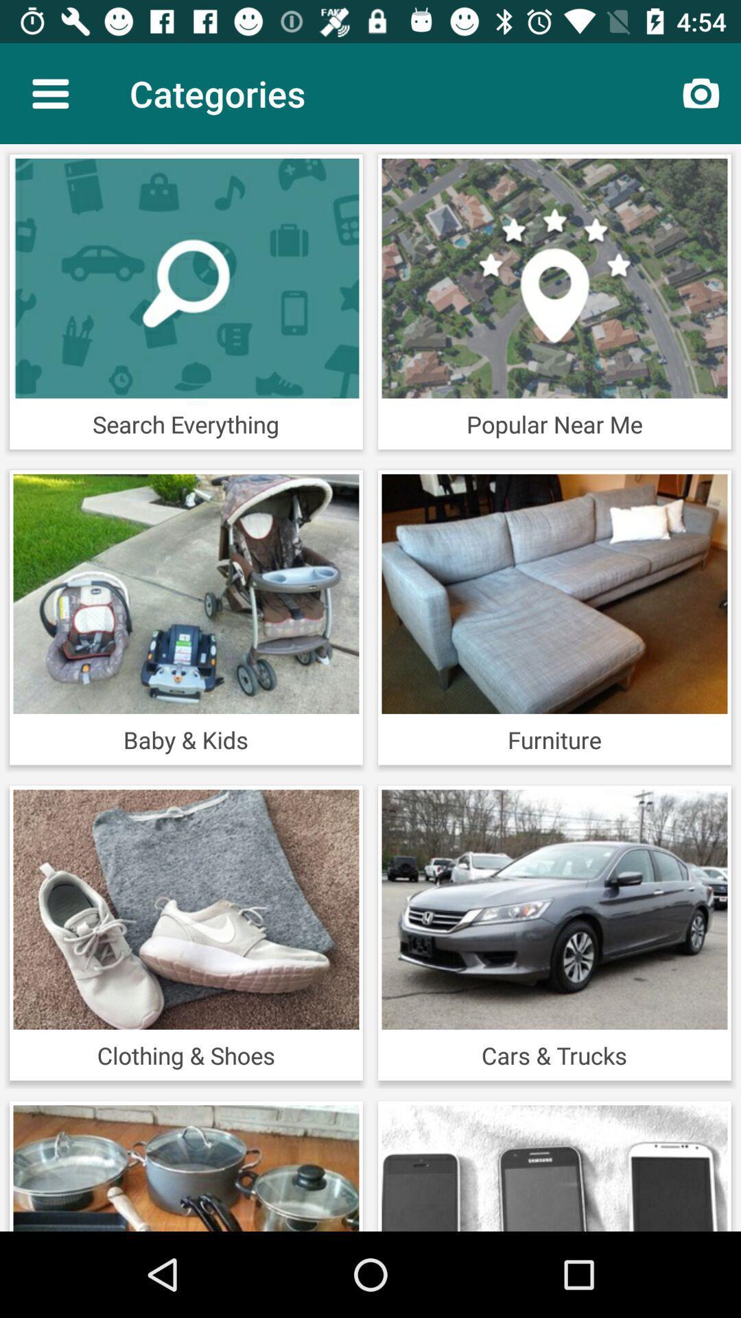 The image size is (741, 1318). Describe the element at coordinates (701, 93) in the screenshot. I see `the item to the right of the categories item` at that location.